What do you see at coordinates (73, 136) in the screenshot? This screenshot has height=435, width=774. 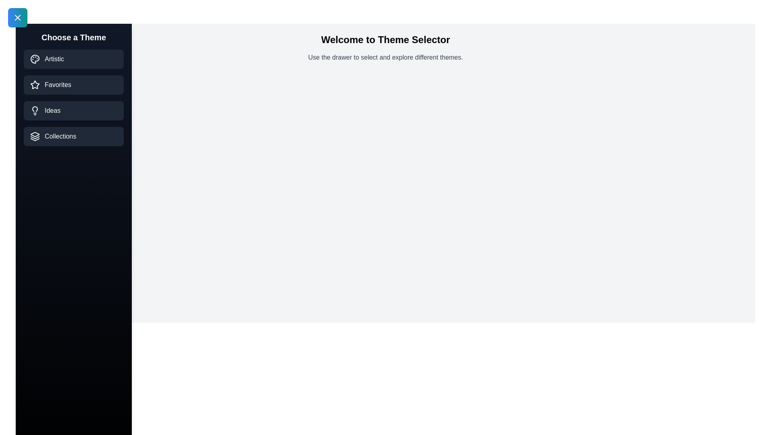 I see `the theme Collections from the list` at bounding box center [73, 136].